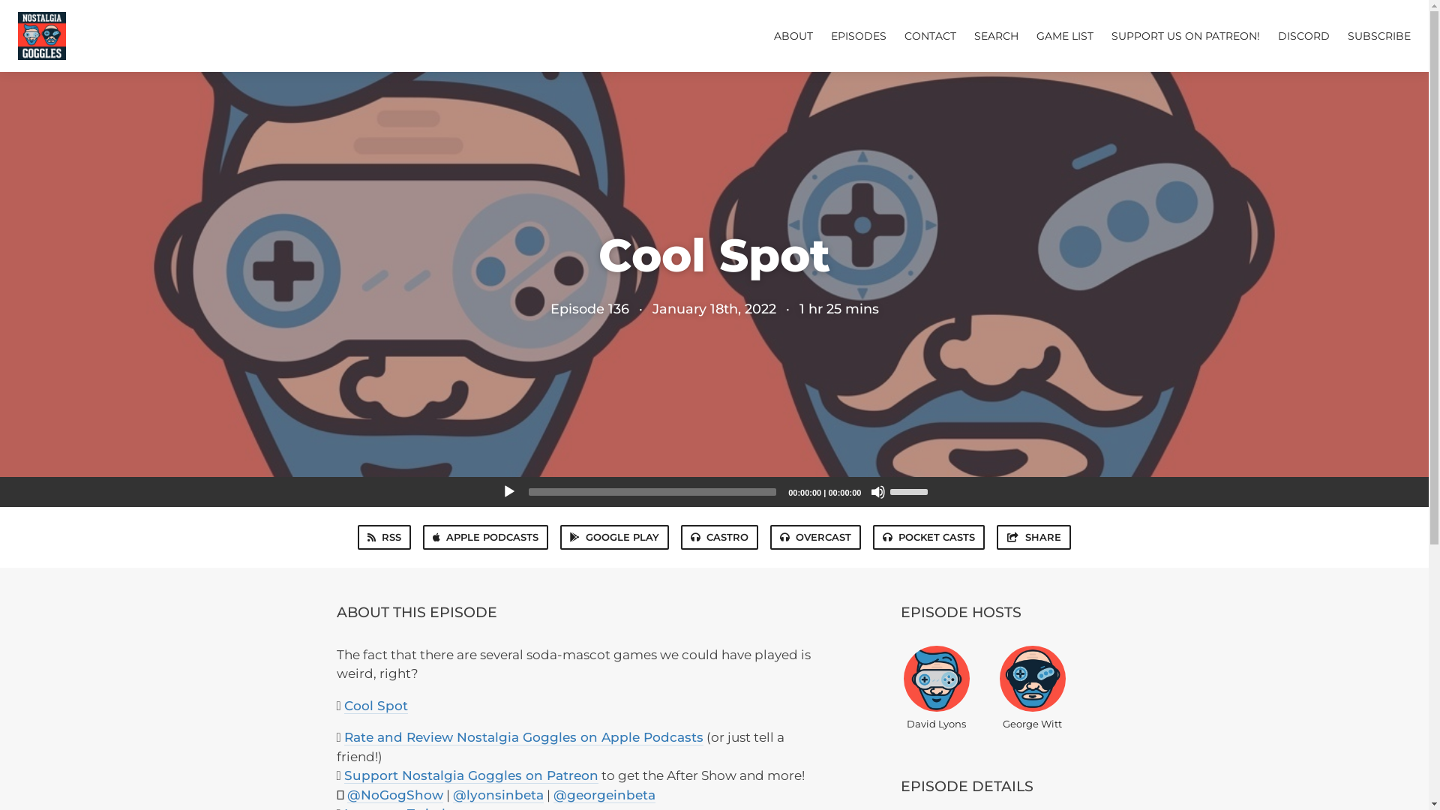 Image resolution: width=1440 pixels, height=810 pixels. I want to click on '@lyonsinbeta', so click(498, 794).